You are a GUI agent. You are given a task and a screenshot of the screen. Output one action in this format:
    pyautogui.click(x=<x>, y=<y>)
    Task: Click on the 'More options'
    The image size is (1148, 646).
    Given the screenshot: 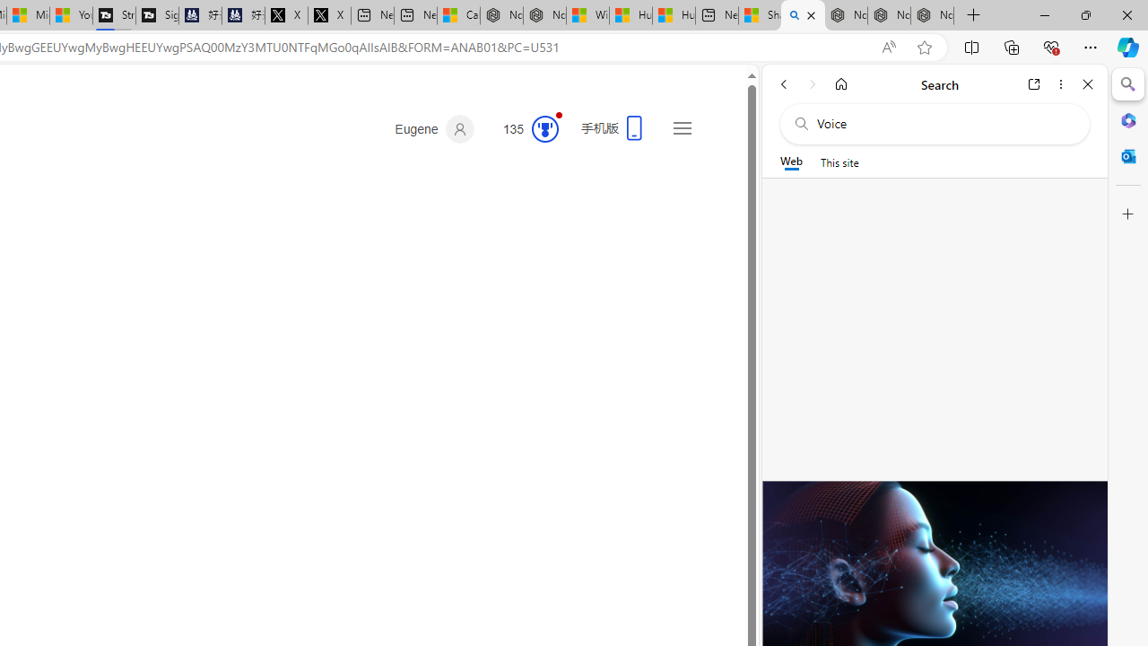 What is the action you would take?
    pyautogui.click(x=1060, y=83)
    